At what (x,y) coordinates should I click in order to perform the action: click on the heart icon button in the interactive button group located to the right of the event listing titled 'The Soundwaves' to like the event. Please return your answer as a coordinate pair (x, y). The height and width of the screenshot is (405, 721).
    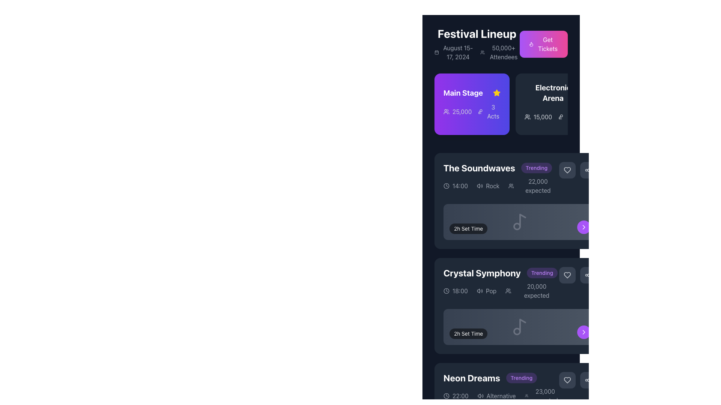
    Looking at the image, I should click on (577, 170).